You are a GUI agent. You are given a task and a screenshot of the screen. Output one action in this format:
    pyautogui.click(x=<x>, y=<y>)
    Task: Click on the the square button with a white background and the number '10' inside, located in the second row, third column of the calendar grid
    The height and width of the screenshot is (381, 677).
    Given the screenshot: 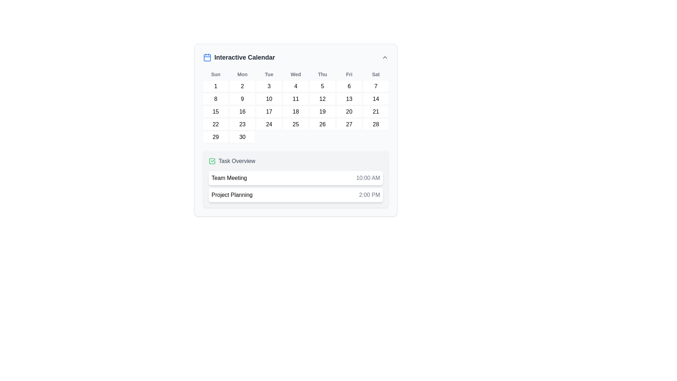 What is the action you would take?
    pyautogui.click(x=269, y=99)
    